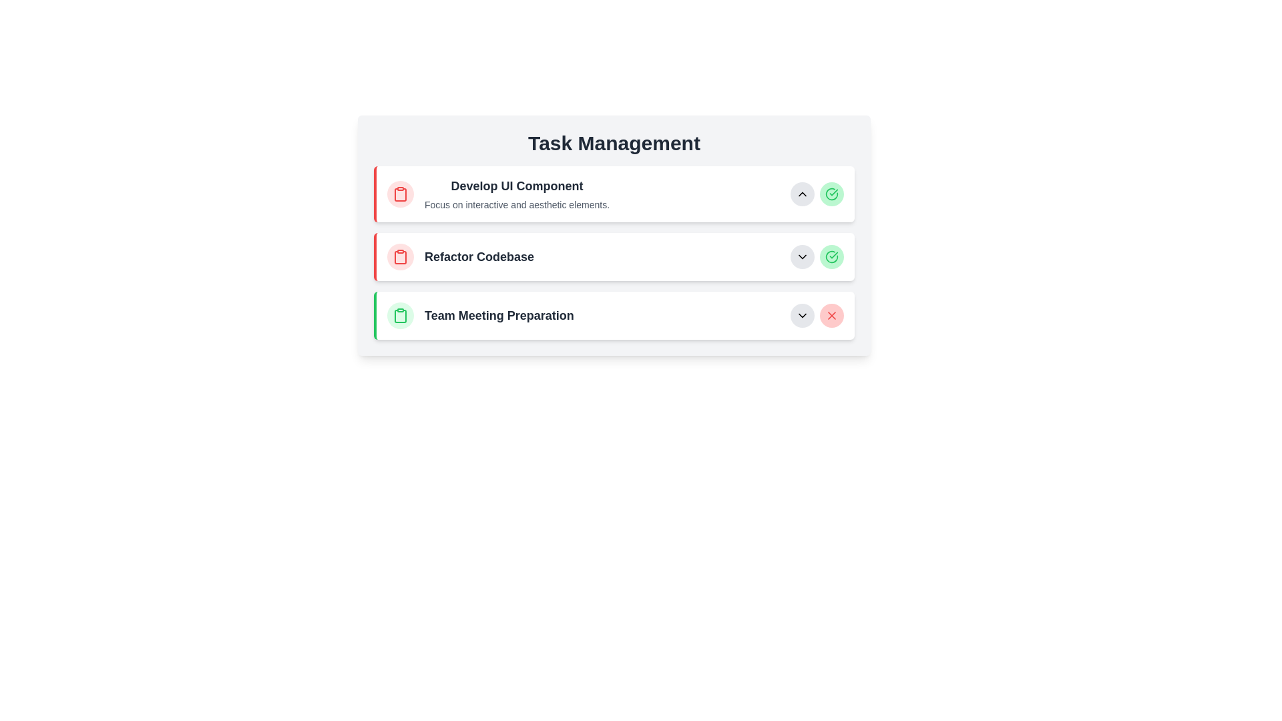 The width and height of the screenshot is (1282, 721). I want to click on the clipboard icon that represents the 'Develop UI Component' task, located to the left of its text label in the first task item under 'Task Management', so click(400, 194).